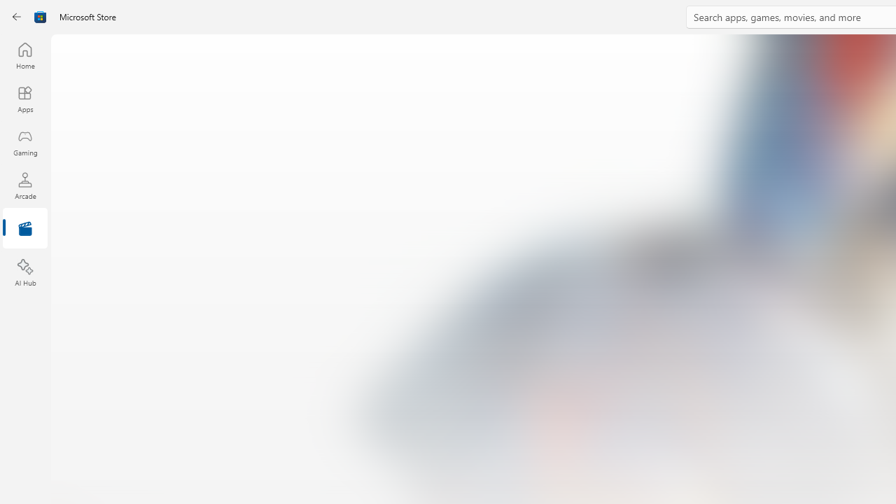 This screenshot has width=896, height=504. What do you see at coordinates (24, 185) in the screenshot?
I see `'Arcade'` at bounding box center [24, 185].